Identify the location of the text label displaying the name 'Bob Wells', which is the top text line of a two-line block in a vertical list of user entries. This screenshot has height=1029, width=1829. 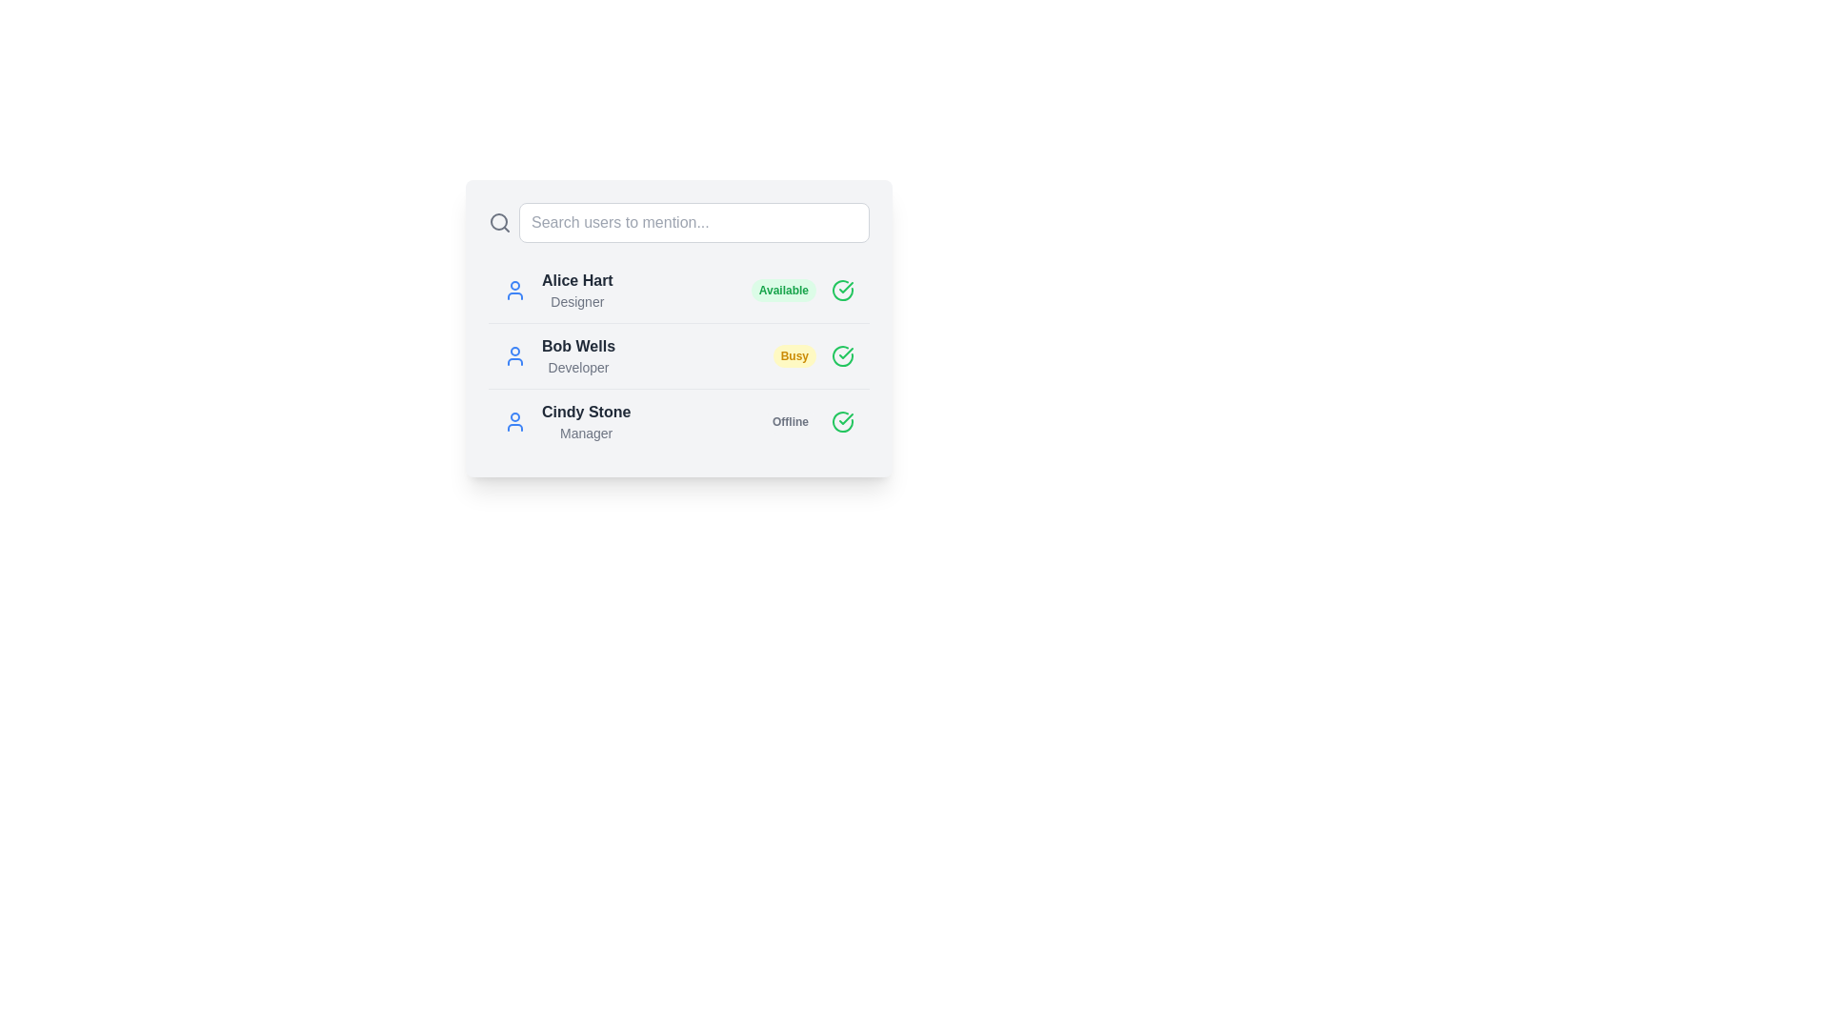
(577, 346).